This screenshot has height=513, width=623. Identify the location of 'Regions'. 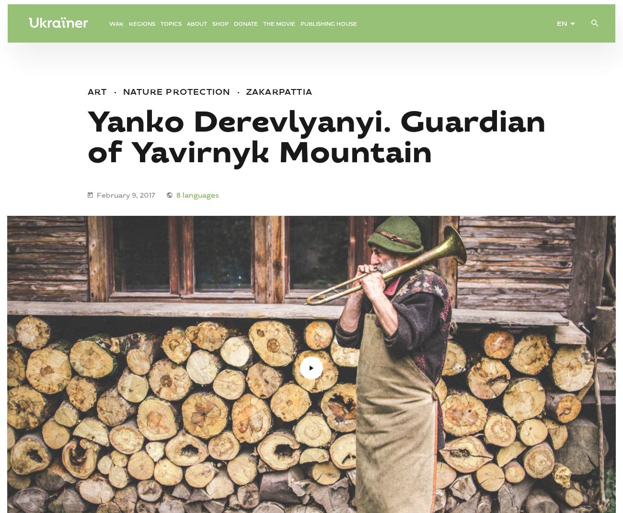
(142, 31).